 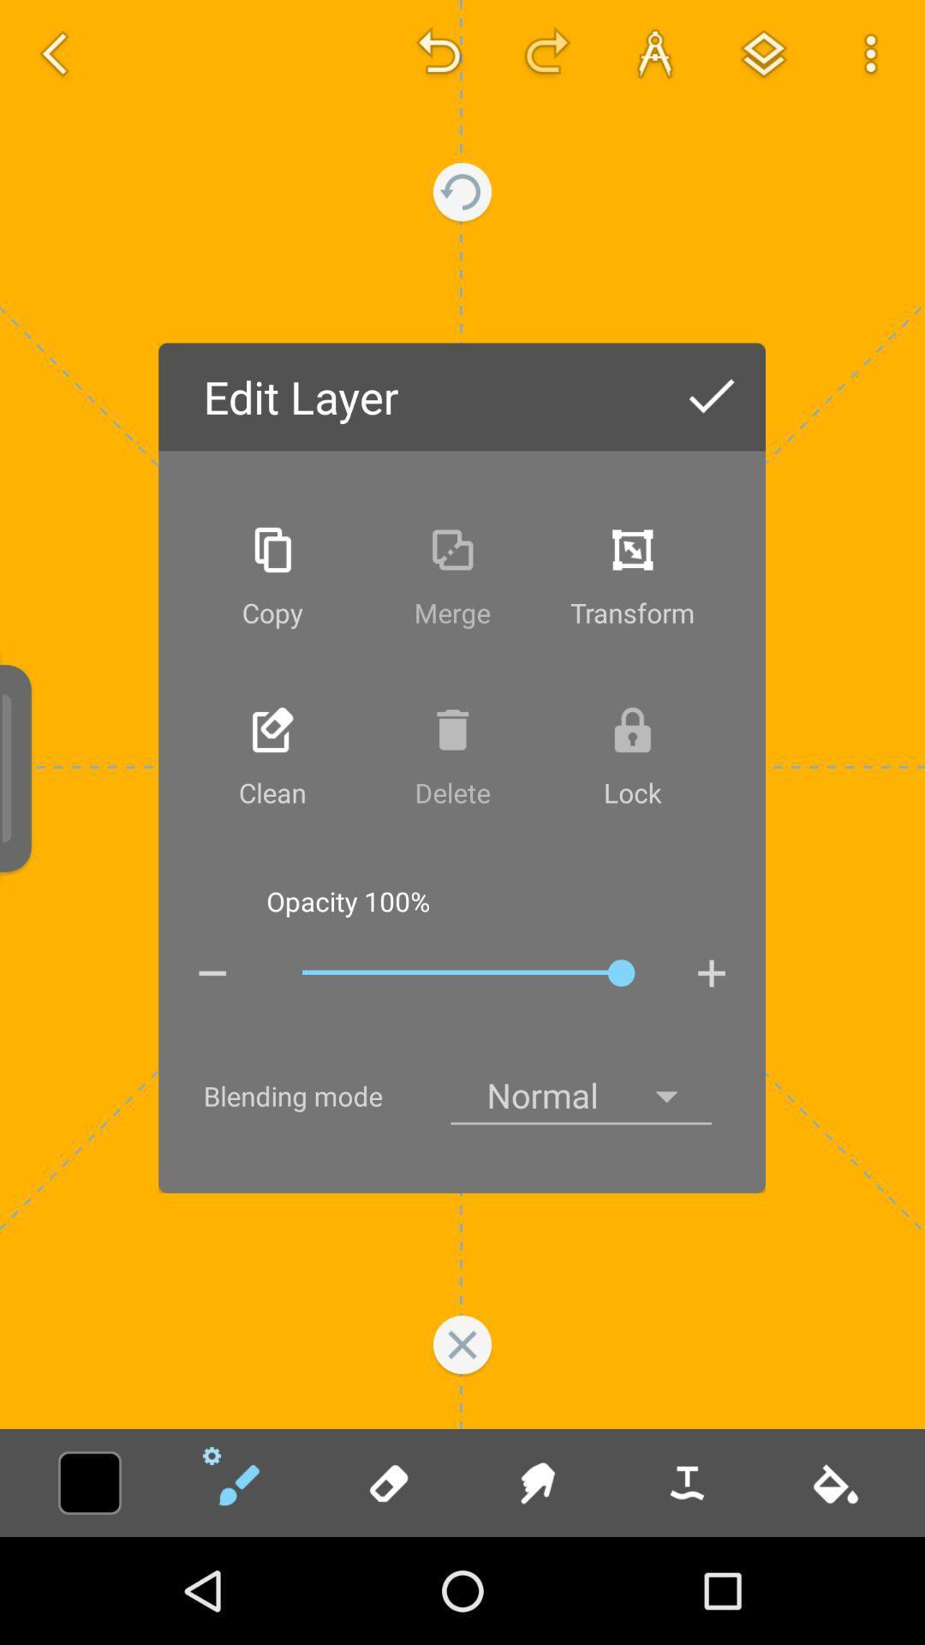 I want to click on the layers icon, so click(x=762, y=53).